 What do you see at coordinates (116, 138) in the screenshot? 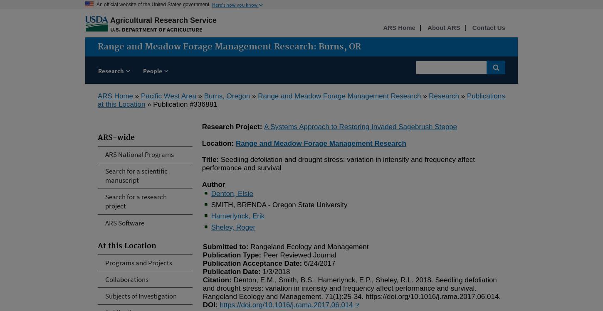
I see `'ARS-wide'` at bounding box center [116, 138].